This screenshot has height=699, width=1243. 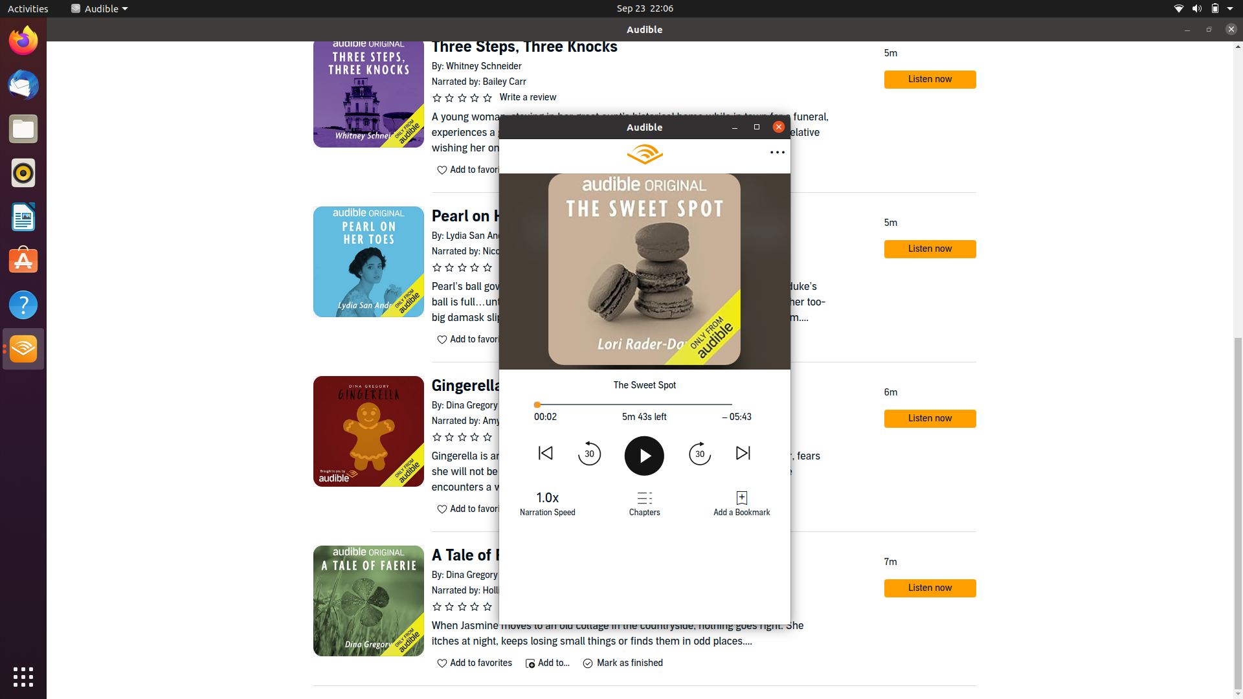 What do you see at coordinates (735, 127) in the screenshot?
I see `Fully widen book display` at bounding box center [735, 127].